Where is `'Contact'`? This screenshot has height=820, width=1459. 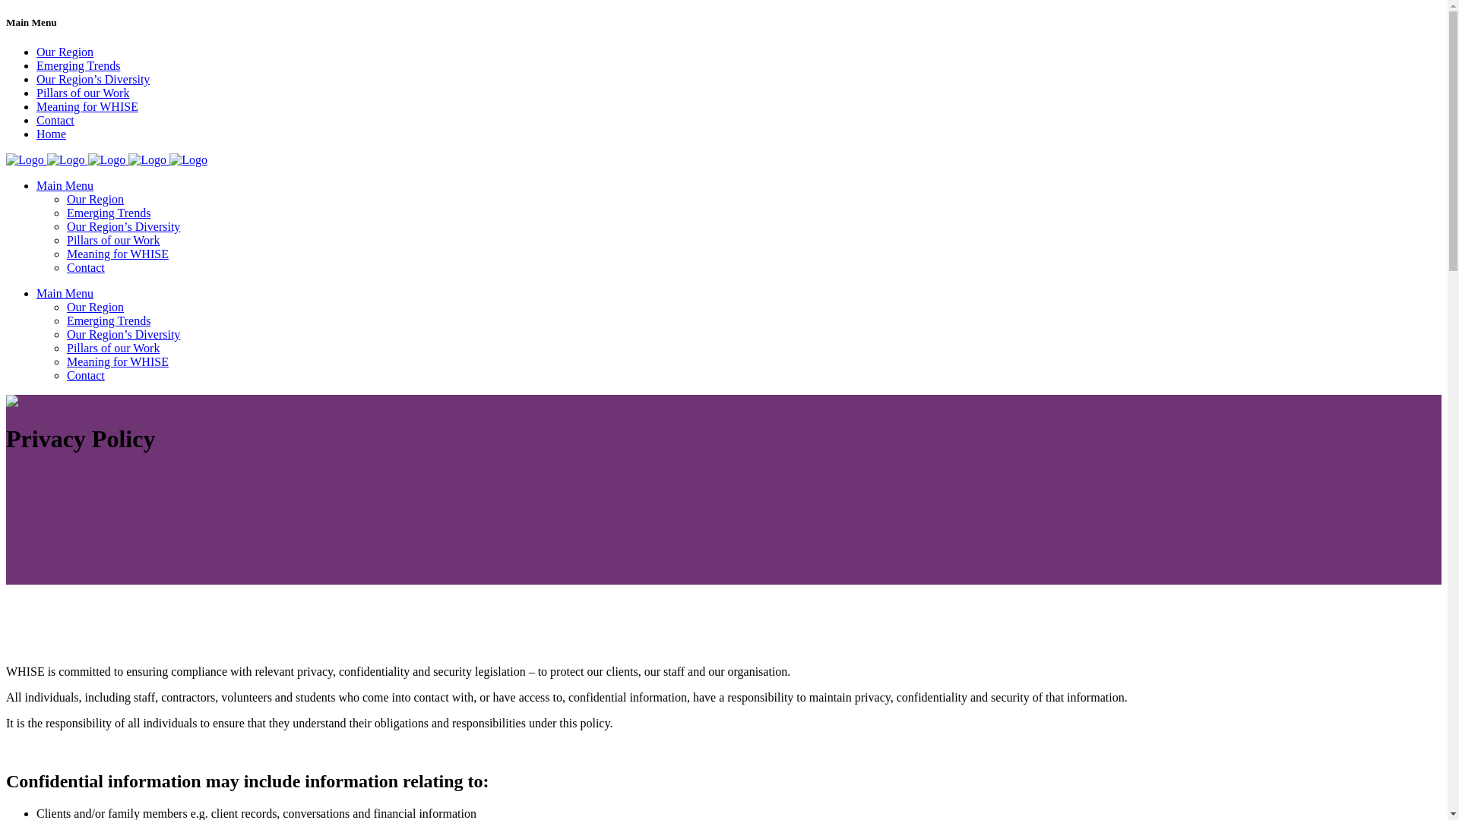
'Contact' is located at coordinates (65, 266).